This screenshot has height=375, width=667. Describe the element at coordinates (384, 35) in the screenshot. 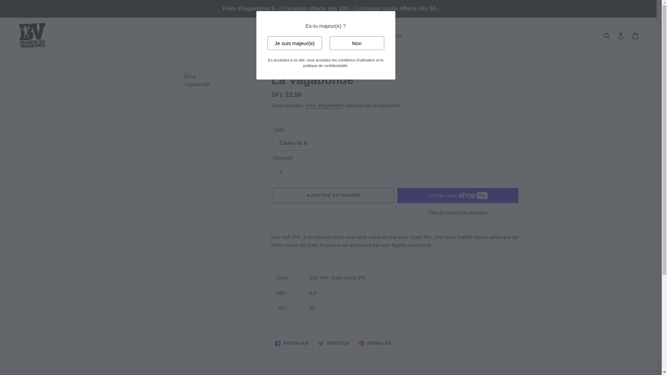

I see `'Contactez-nous'` at that location.